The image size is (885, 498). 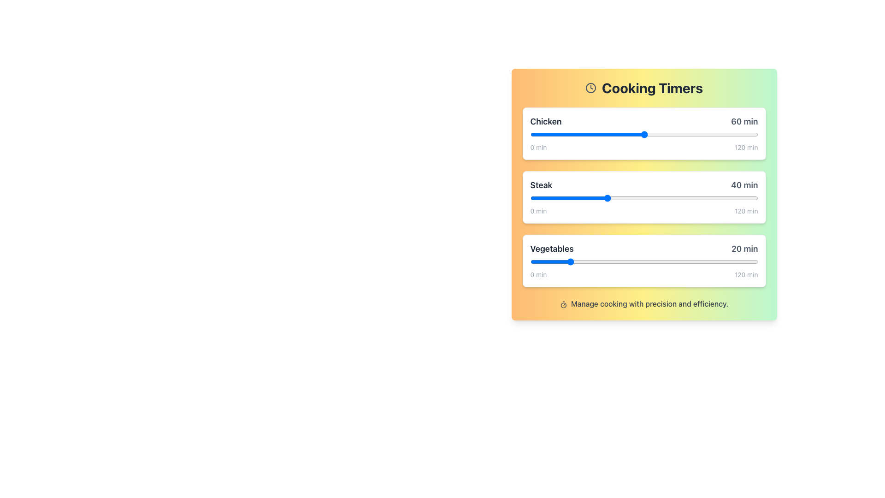 I want to click on cooking time for steak, so click(x=695, y=197).